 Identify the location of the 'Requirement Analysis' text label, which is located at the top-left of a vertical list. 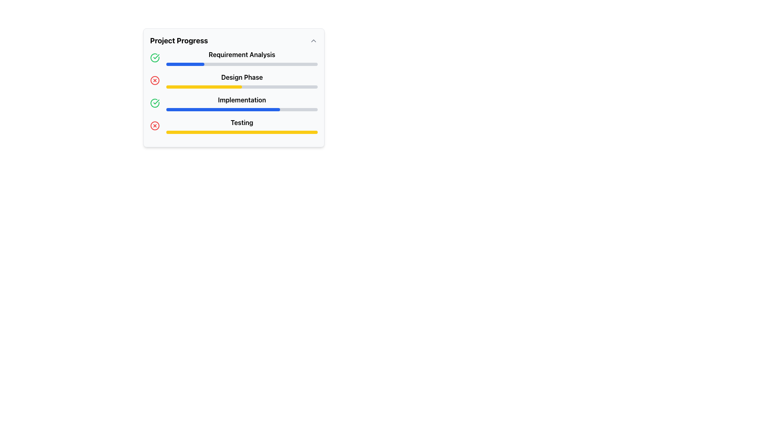
(233, 57).